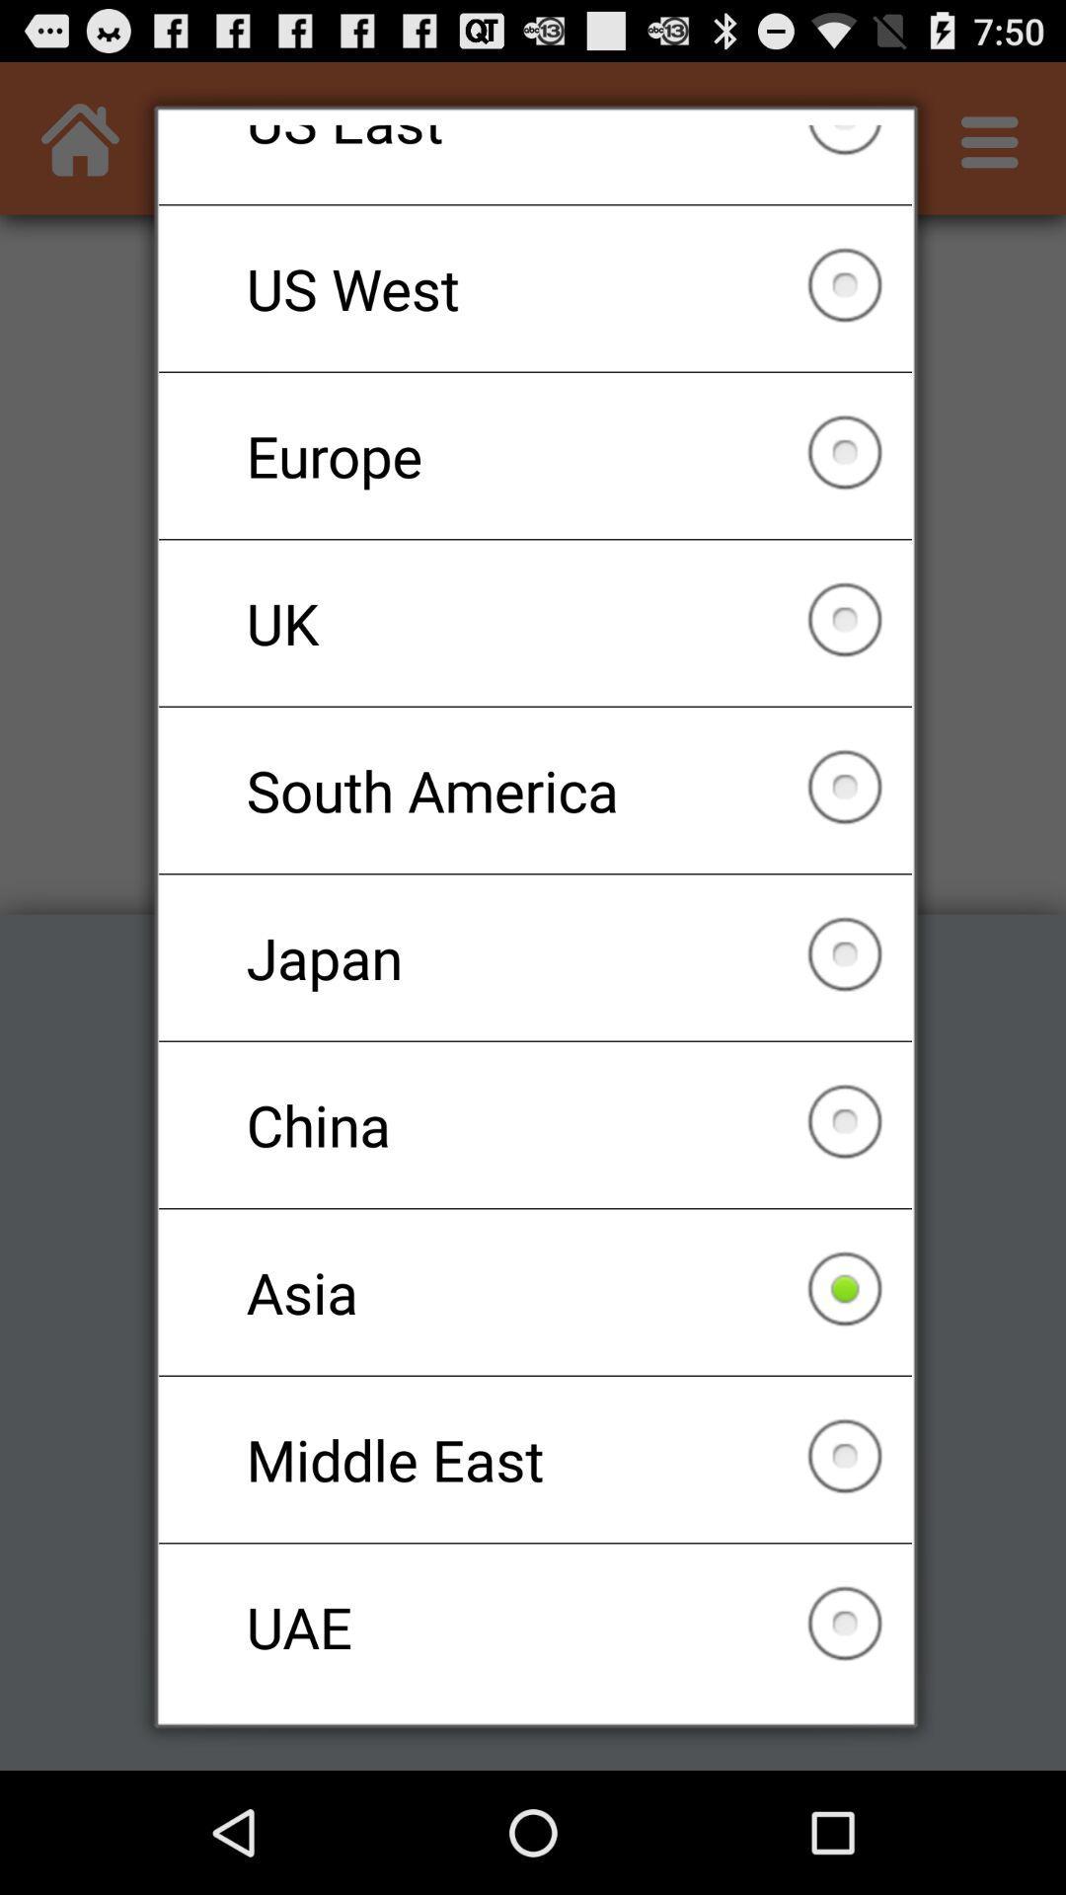 This screenshot has height=1895, width=1066. Describe the element at coordinates (535, 622) in the screenshot. I see `uk icon` at that location.